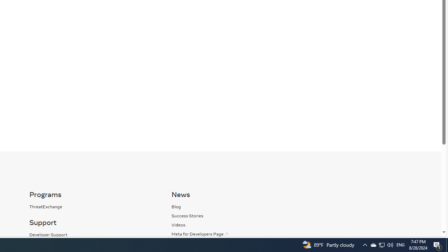 The height and width of the screenshot is (252, 448). Describe the element at coordinates (187, 215) in the screenshot. I see `'Success Stories'` at that location.